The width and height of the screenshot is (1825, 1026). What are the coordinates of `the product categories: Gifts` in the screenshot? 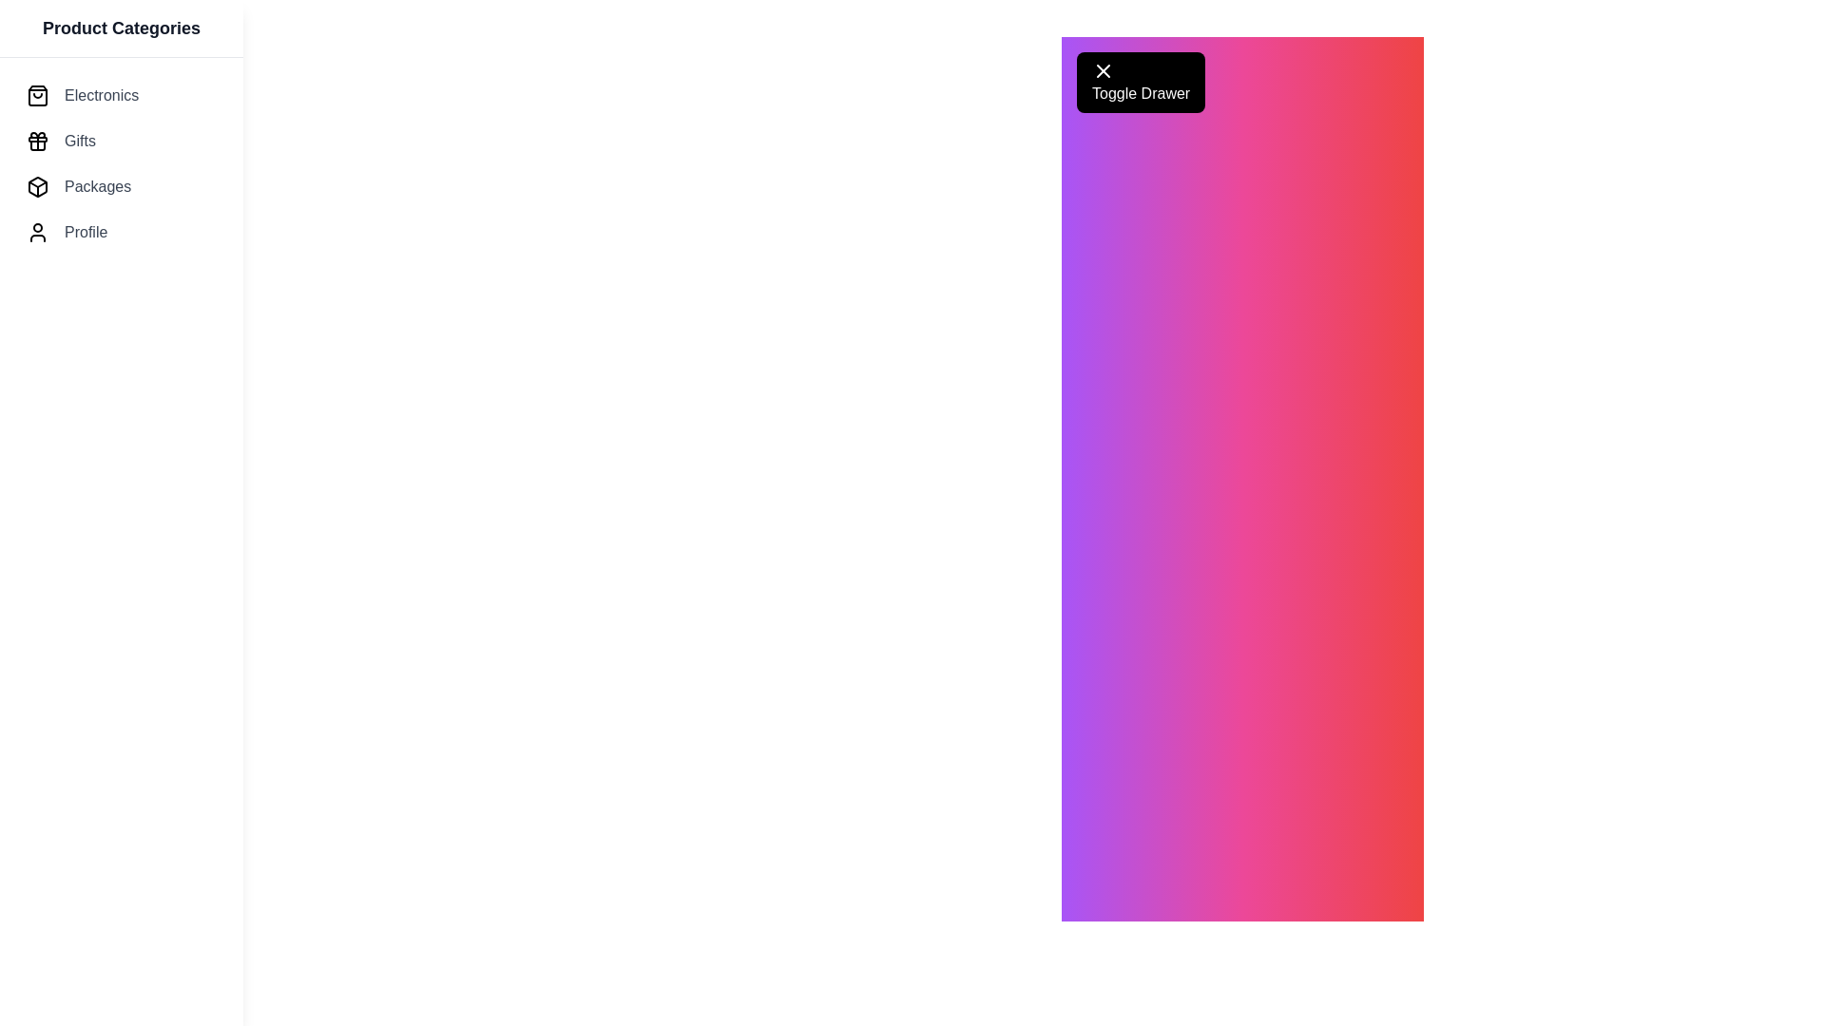 It's located at (121, 141).